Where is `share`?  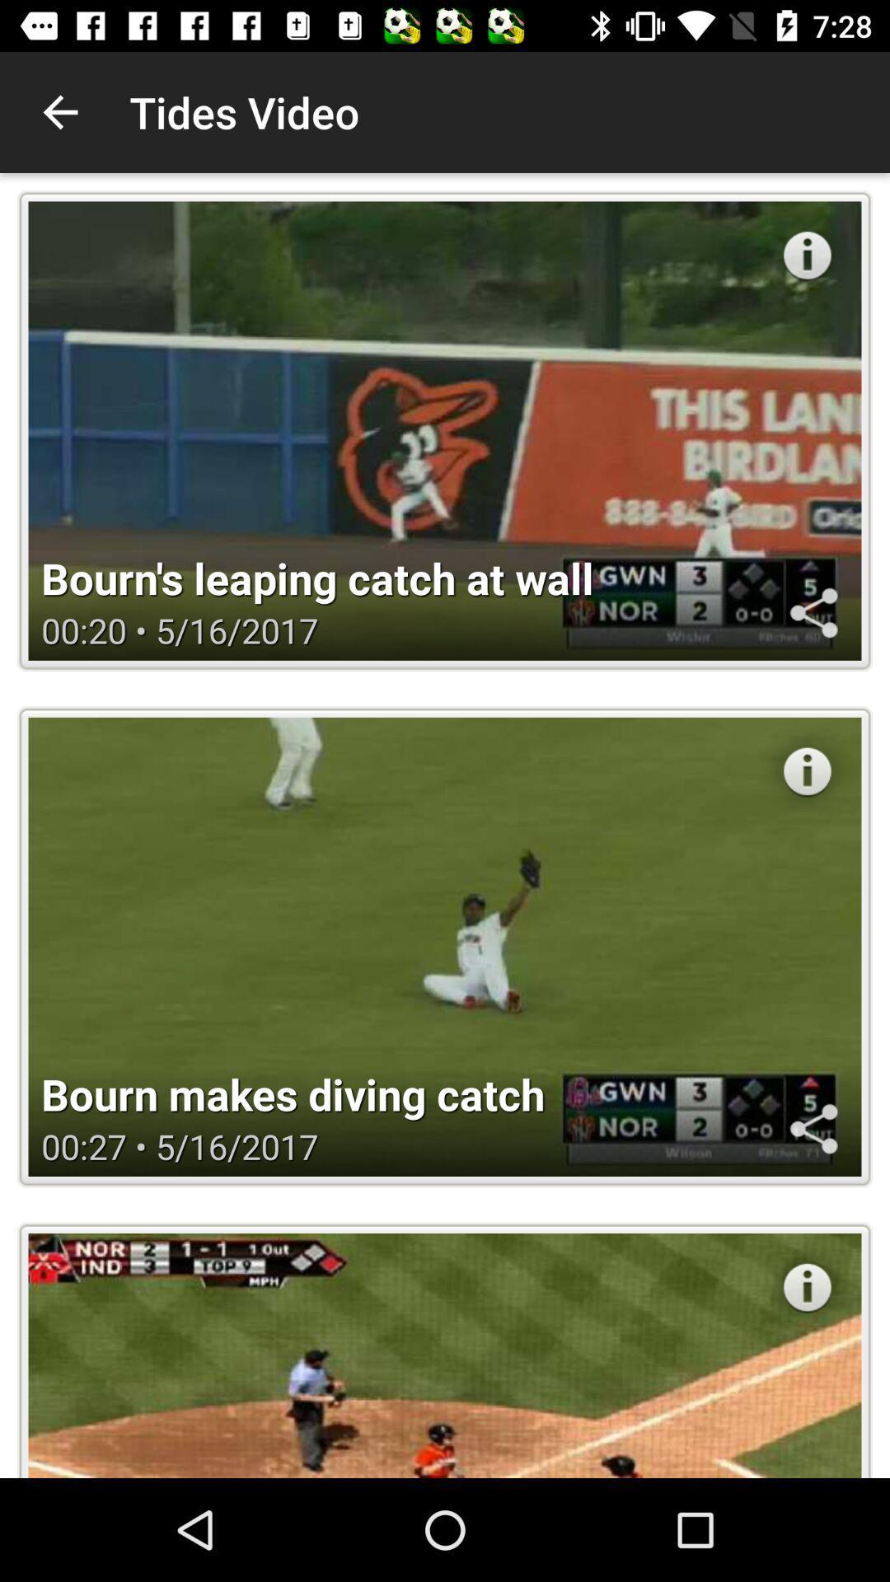
share is located at coordinates (813, 1128).